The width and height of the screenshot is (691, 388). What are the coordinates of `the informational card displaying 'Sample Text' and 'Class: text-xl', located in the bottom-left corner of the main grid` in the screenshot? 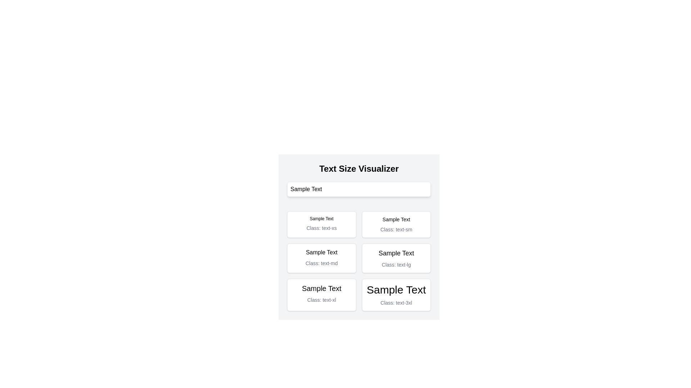 It's located at (321, 295).